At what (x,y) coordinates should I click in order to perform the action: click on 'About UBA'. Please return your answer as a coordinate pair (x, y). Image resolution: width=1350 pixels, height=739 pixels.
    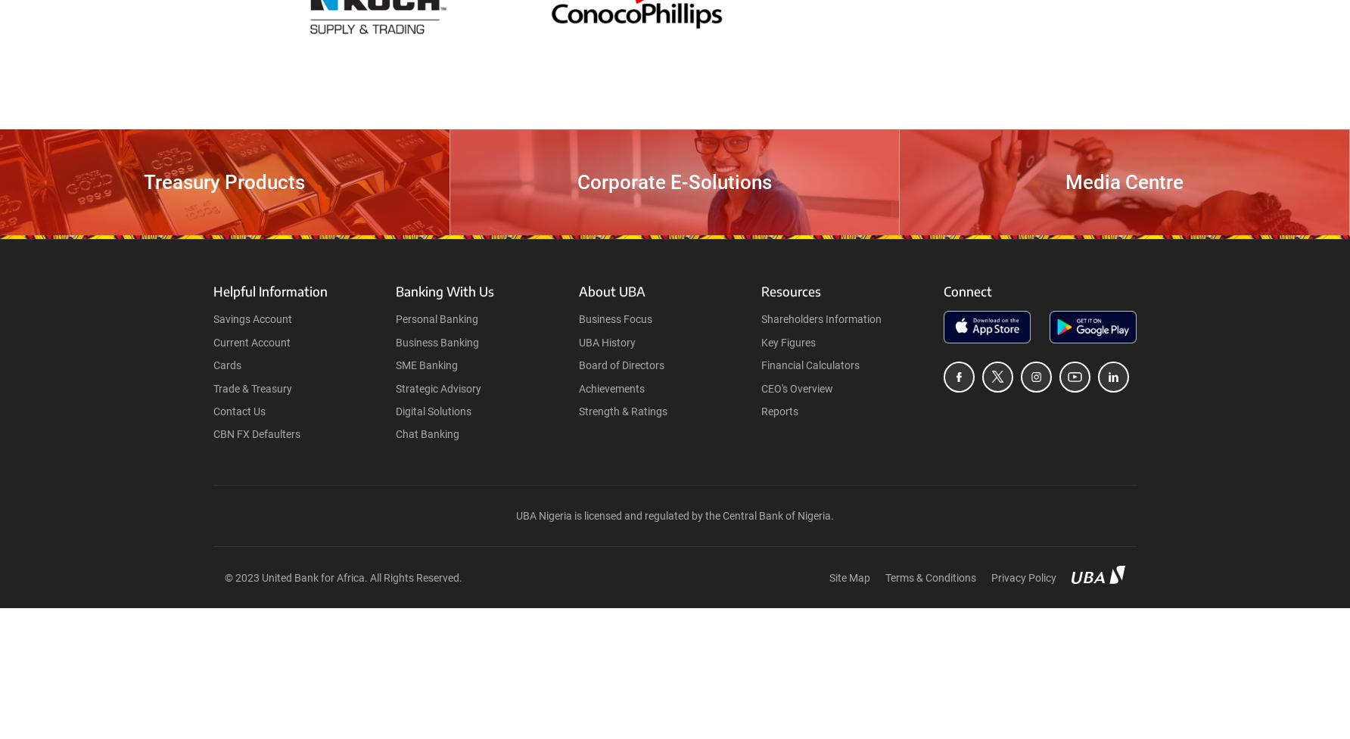
    Looking at the image, I should click on (610, 291).